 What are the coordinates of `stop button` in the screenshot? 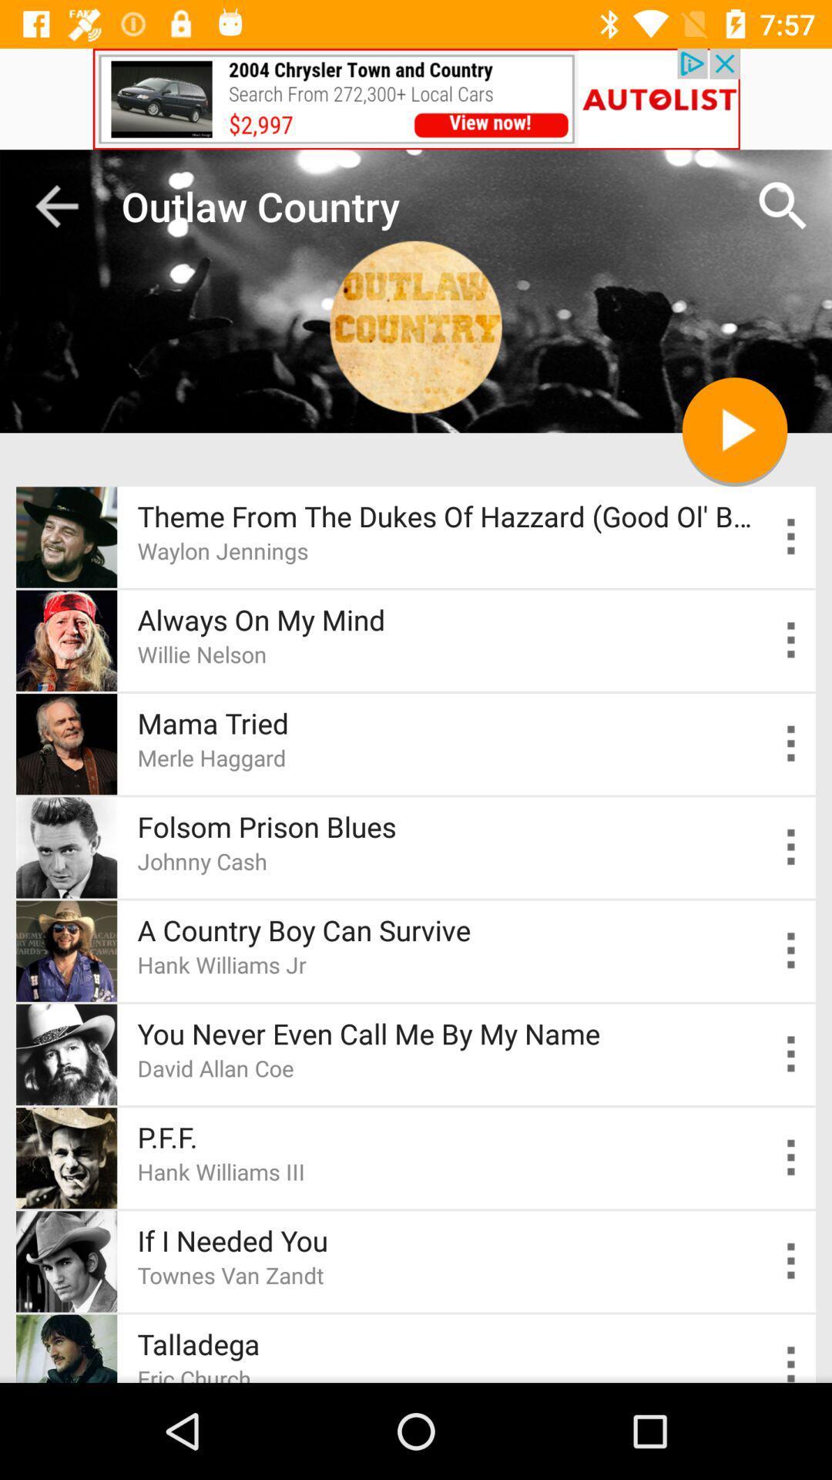 It's located at (733, 429).